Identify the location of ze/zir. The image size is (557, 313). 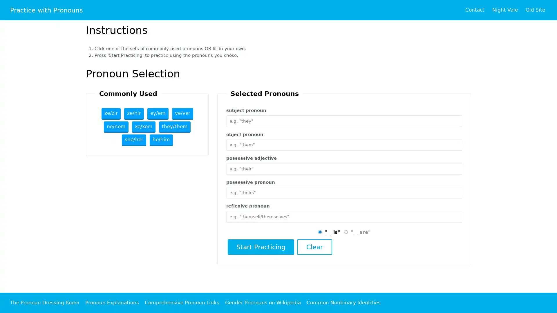
(111, 114).